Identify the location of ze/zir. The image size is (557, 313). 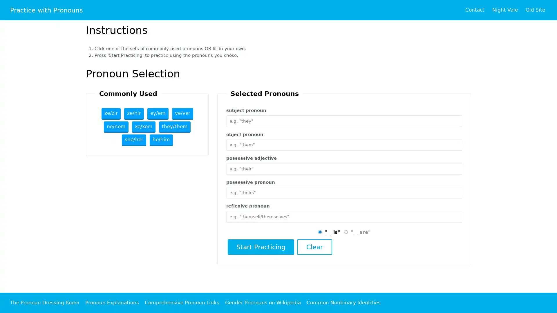
(111, 114).